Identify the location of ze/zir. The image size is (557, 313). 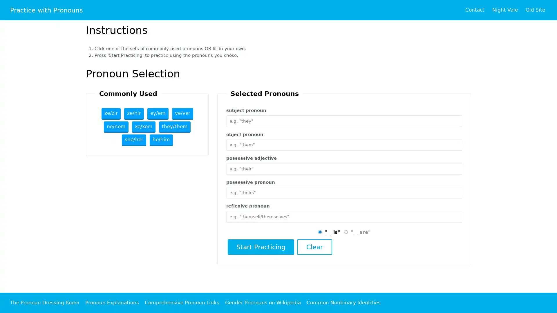
(111, 114).